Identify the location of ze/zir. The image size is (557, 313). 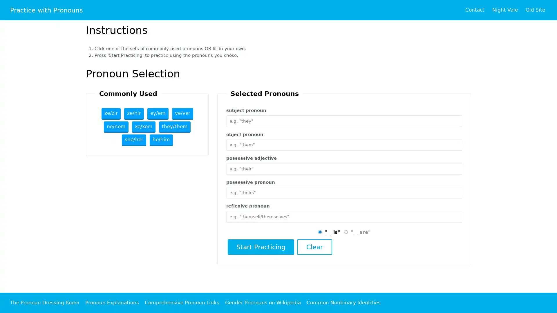
(111, 114).